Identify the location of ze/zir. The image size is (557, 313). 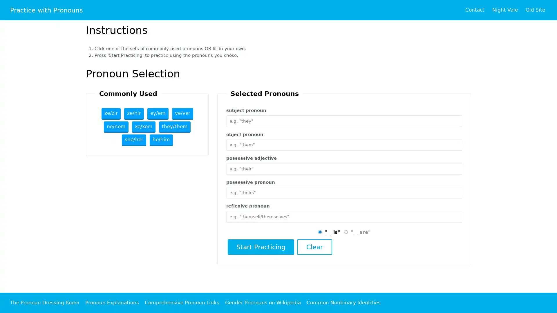
(111, 114).